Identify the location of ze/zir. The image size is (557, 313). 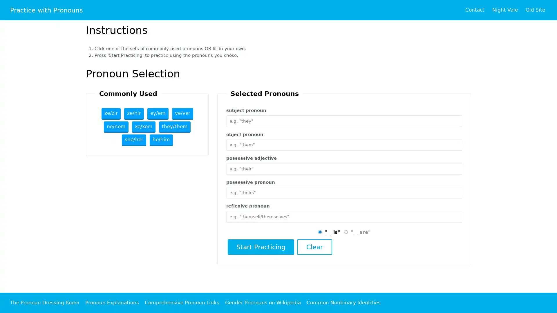
(111, 114).